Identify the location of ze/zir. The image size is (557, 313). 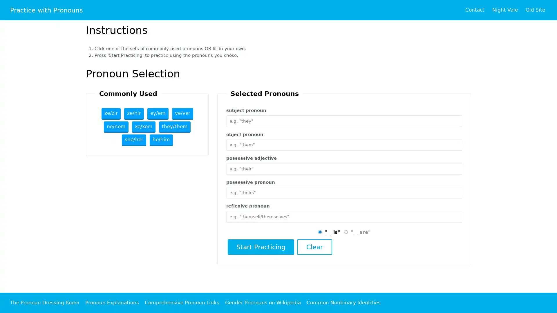
(111, 114).